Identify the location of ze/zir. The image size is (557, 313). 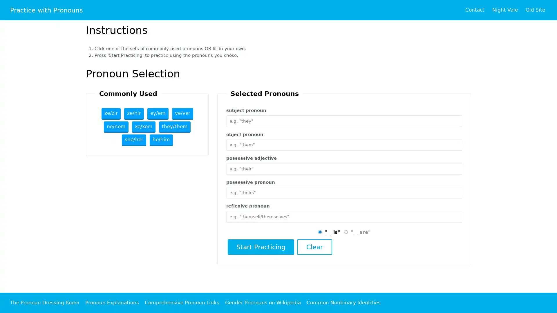
(111, 114).